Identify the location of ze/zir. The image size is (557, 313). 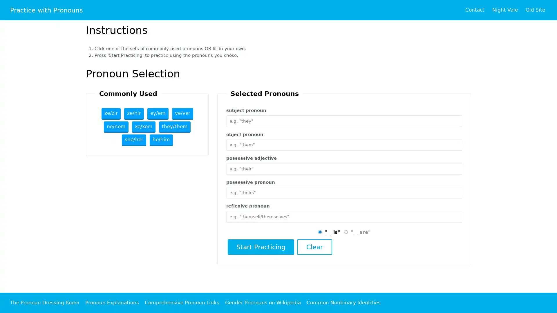
(111, 114).